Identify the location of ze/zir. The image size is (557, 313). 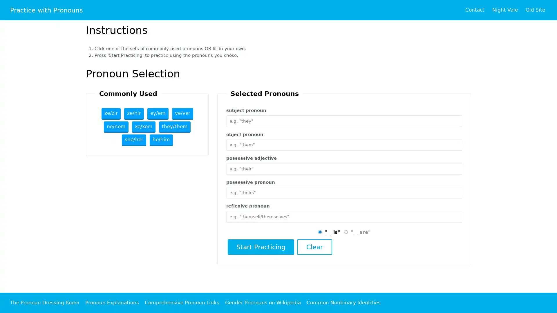
(111, 114).